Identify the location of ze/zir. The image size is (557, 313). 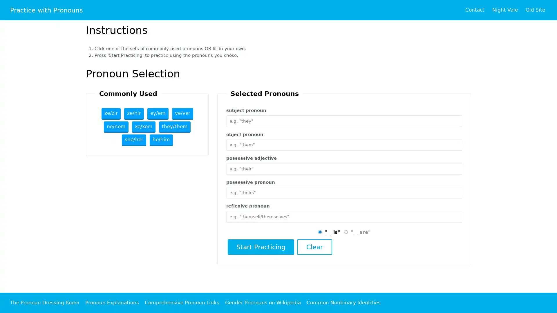
(111, 114).